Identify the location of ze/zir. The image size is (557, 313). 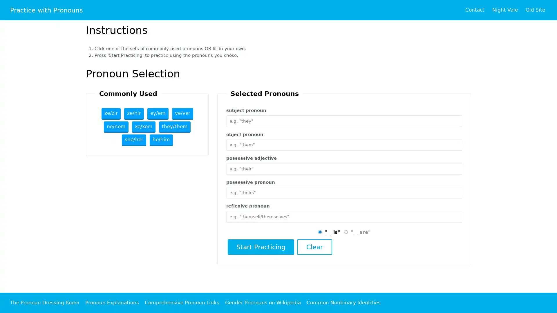
(111, 114).